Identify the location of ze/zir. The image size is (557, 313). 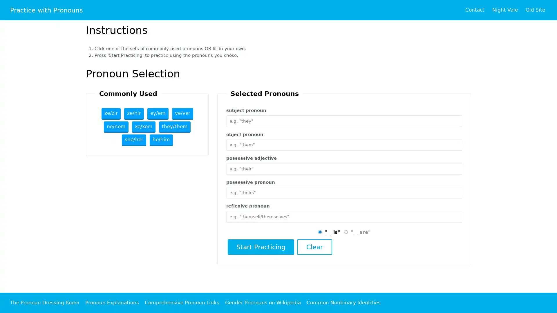
(111, 114).